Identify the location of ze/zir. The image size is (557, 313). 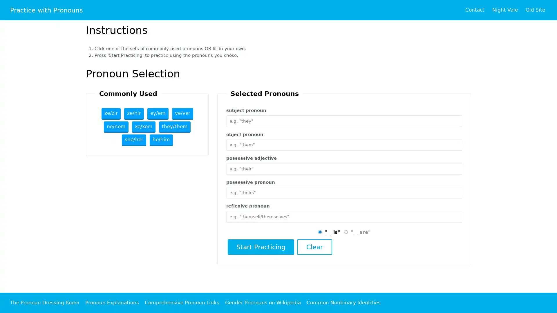
(111, 114).